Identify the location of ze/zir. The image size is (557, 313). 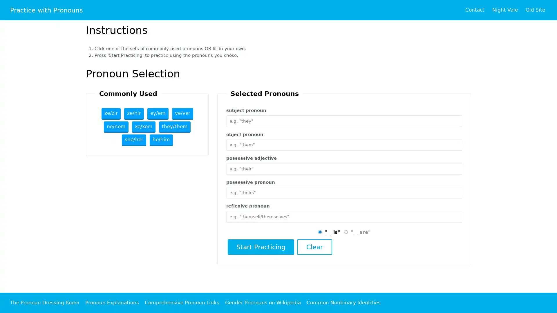
(111, 114).